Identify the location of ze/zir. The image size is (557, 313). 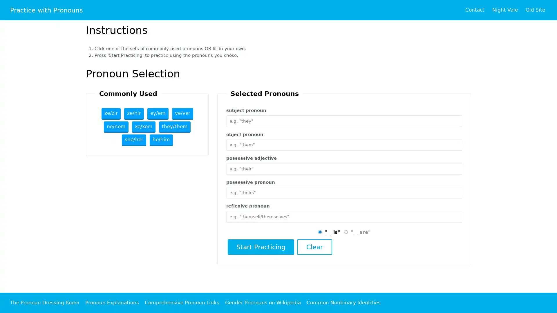
(111, 114).